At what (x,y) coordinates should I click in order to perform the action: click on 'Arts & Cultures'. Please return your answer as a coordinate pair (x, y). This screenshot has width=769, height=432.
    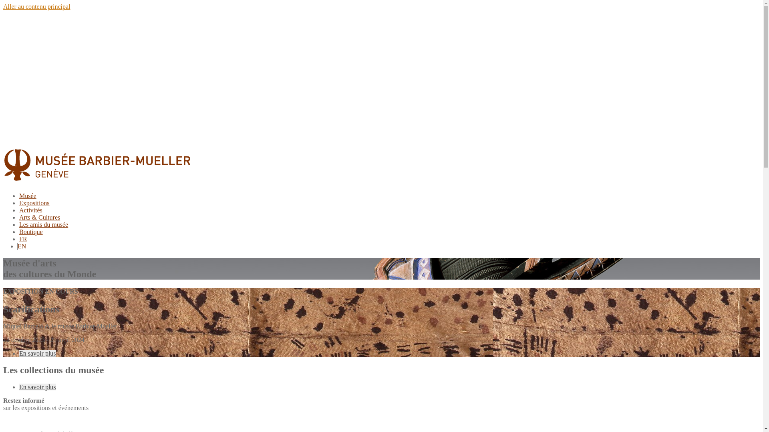
    Looking at the image, I should click on (39, 217).